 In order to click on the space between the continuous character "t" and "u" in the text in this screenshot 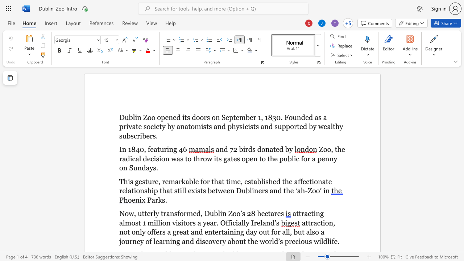, I will do `click(159, 149)`.